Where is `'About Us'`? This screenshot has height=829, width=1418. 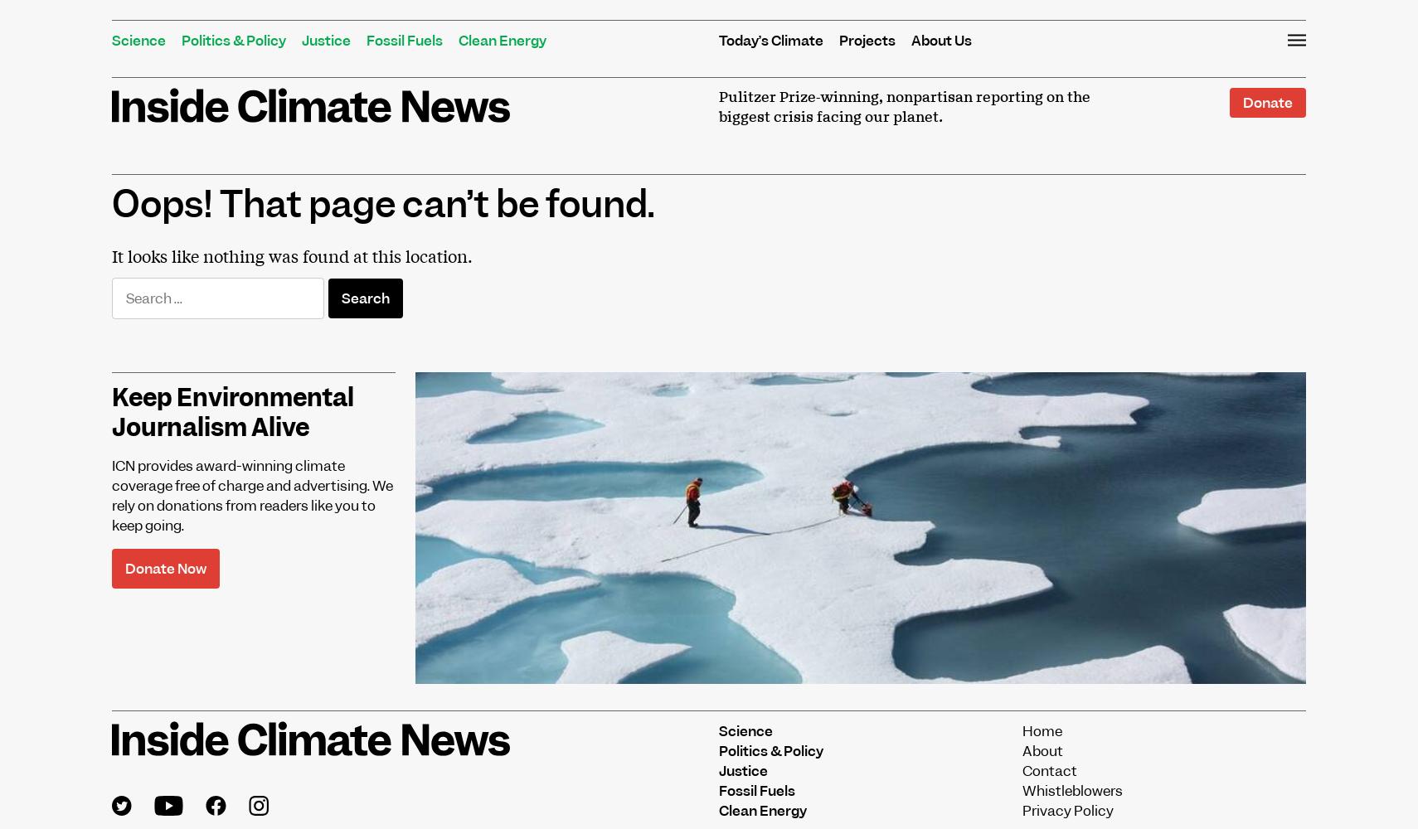
'About Us' is located at coordinates (940, 41).